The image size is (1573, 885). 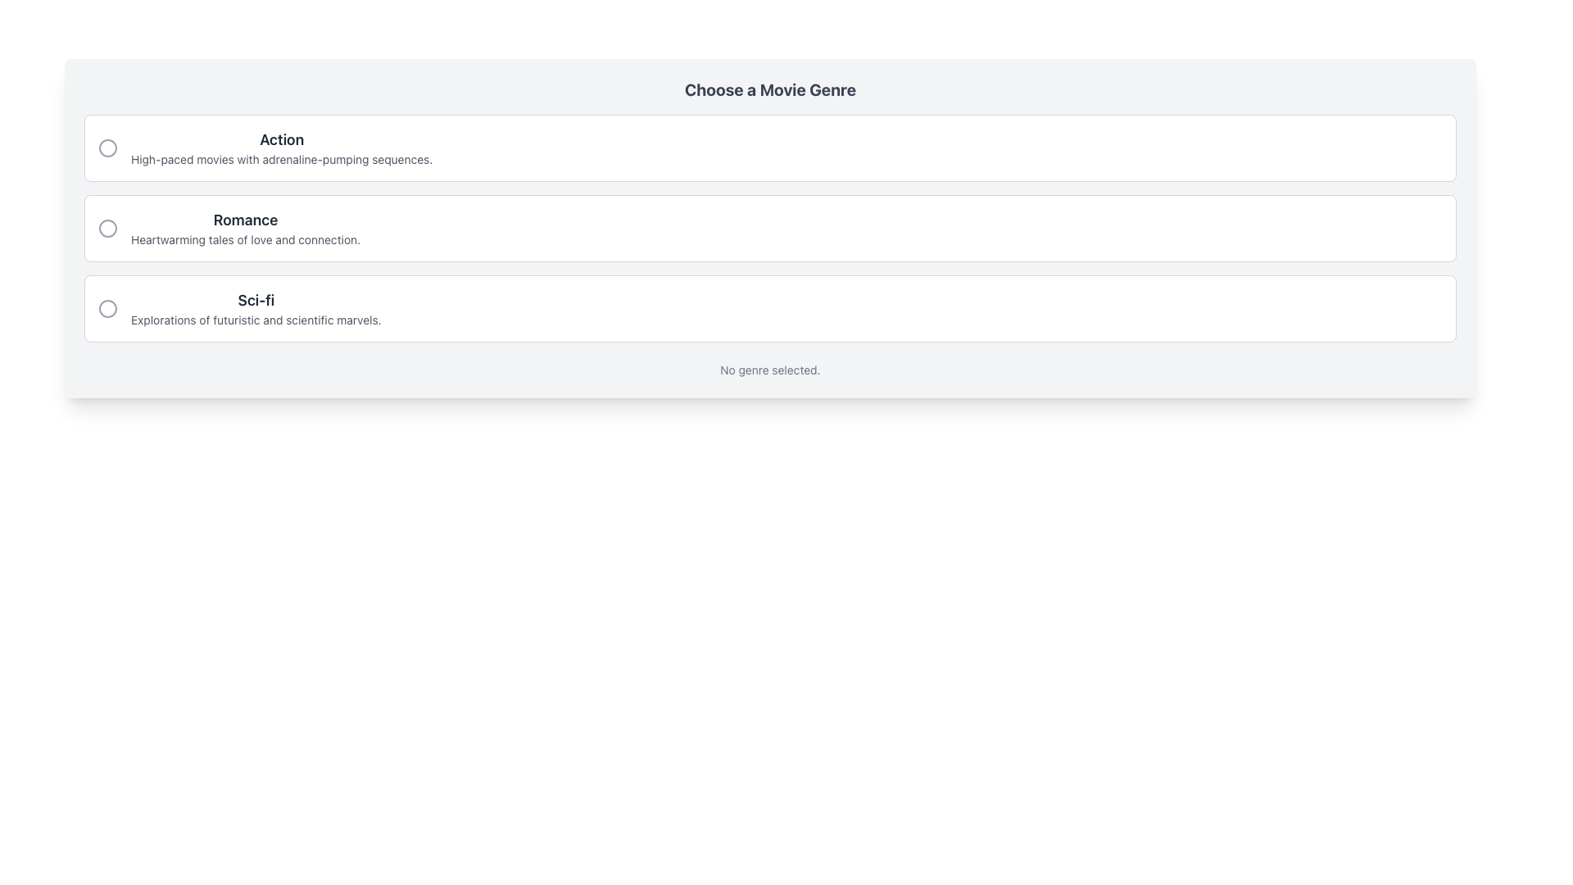 What do you see at coordinates (282, 160) in the screenshot?
I see `the text label that describes 'High-paced movies with adrenaline-pumping sequences.' located under the heading 'Action'` at bounding box center [282, 160].